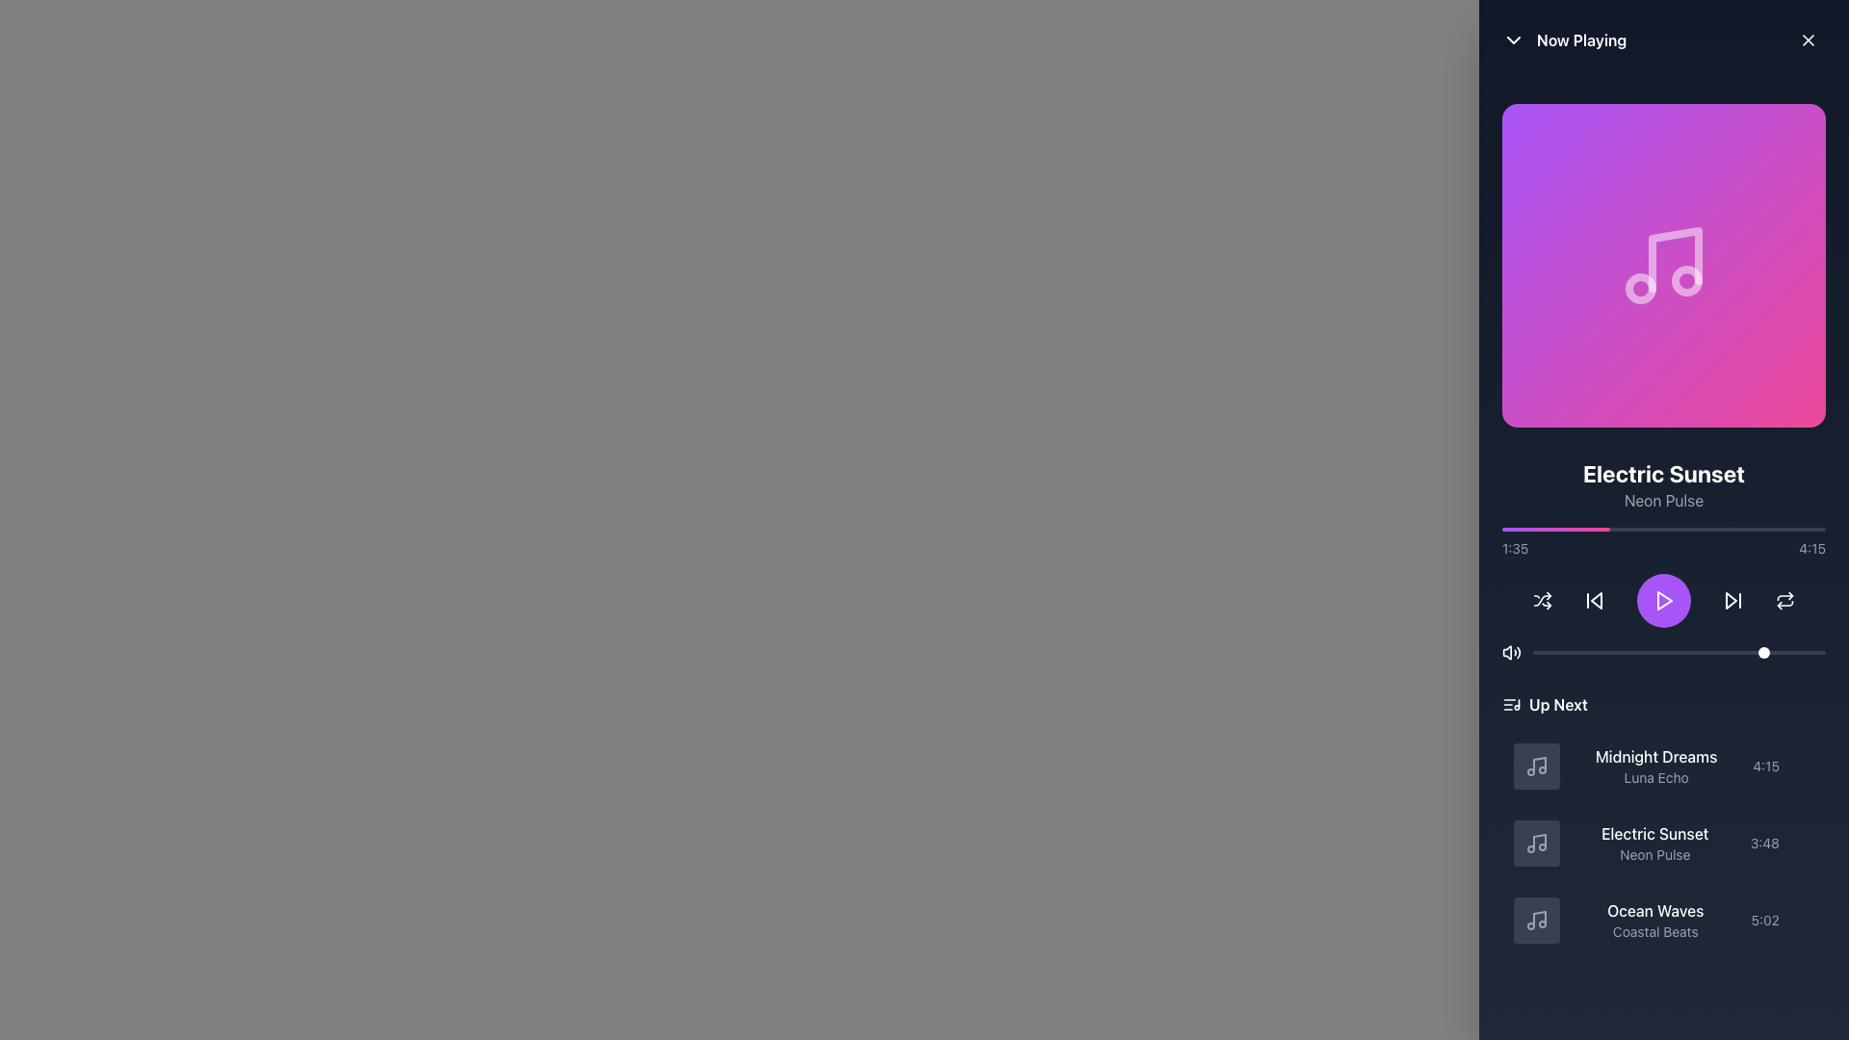 The image size is (1849, 1040). What do you see at coordinates (1640, 530) in the screenshot?
I see `playback position` at bounding box center [1640, 530].